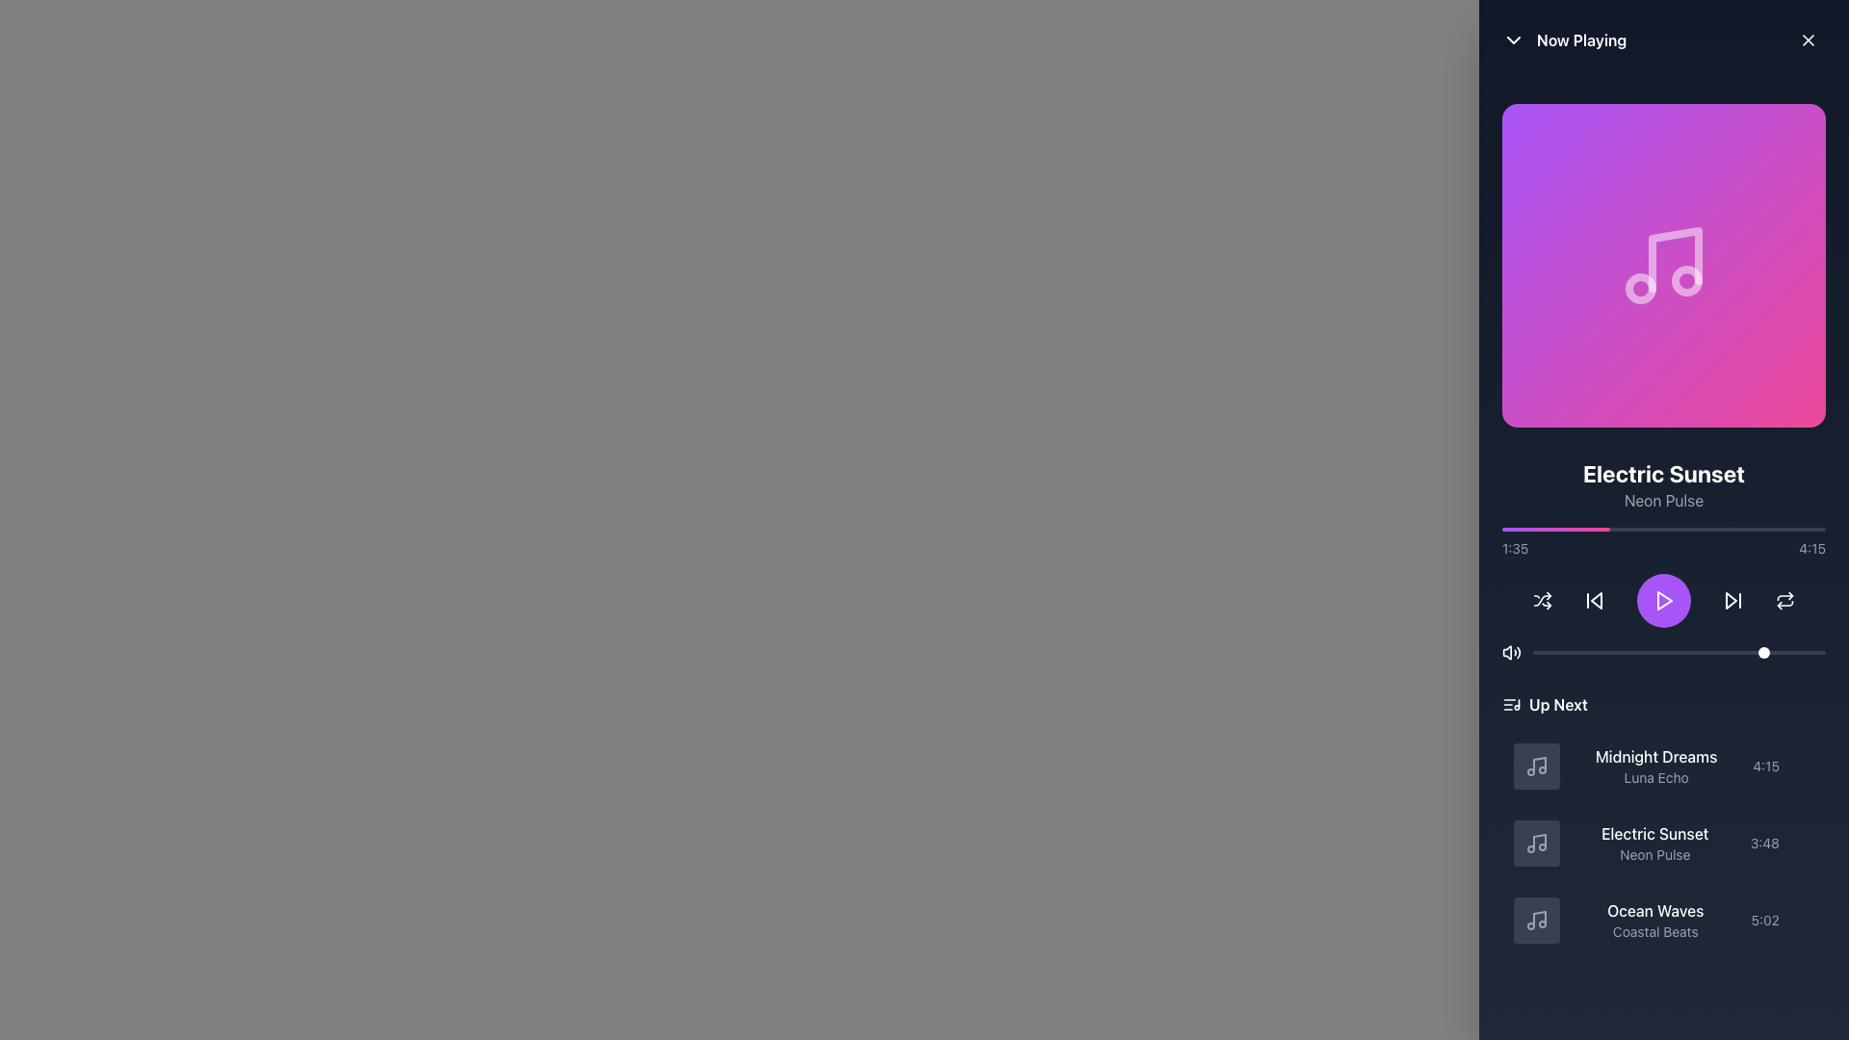 The image size is (1849, 1040). What do you see at coordinates (1640, 530) in the screenshot?
I see `playback position` at bounding box center [1640, 530].